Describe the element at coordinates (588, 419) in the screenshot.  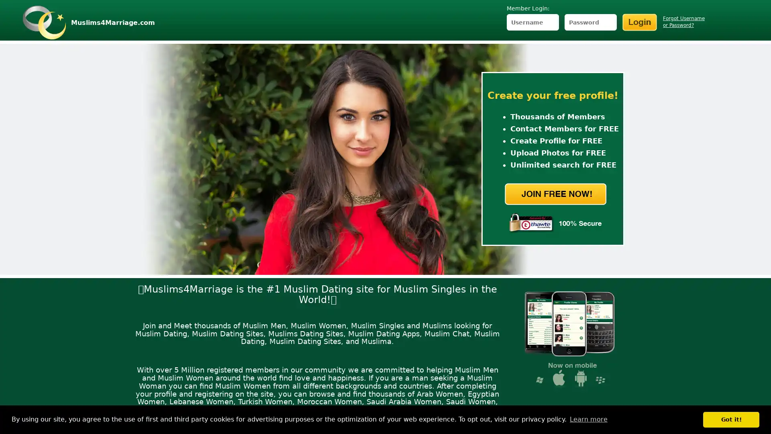
I see `learn more about cookies` at that location.